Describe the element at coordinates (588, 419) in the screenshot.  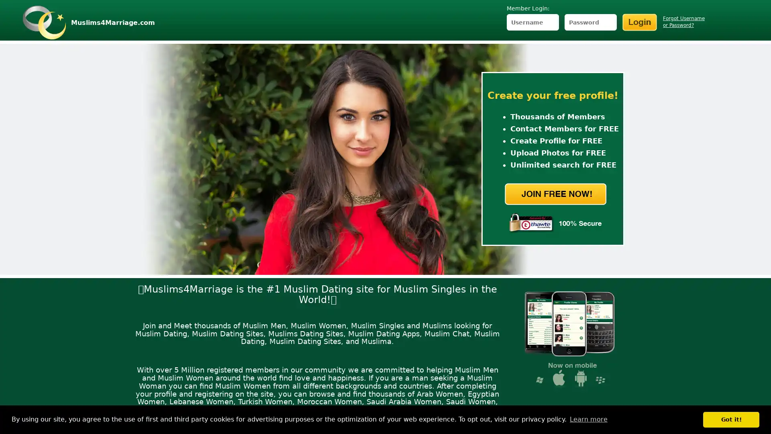
I see `learn more about cookies` at that location.